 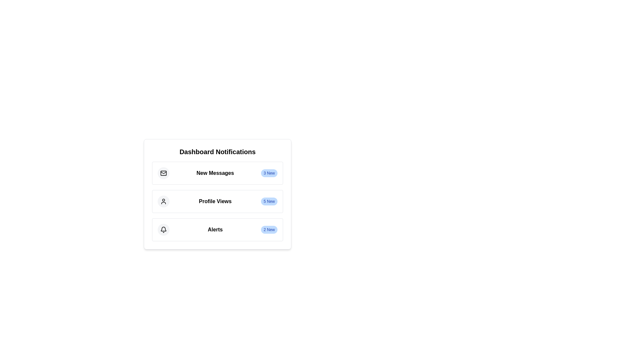 What do you see at coordinates (164, 201) in the screenshot?
I see `the user profile views icon, which is centrally located in the second row of the 'Dashboard Notifications' card, next to the text 'Profile Views'` at bounding box center [164, 201].